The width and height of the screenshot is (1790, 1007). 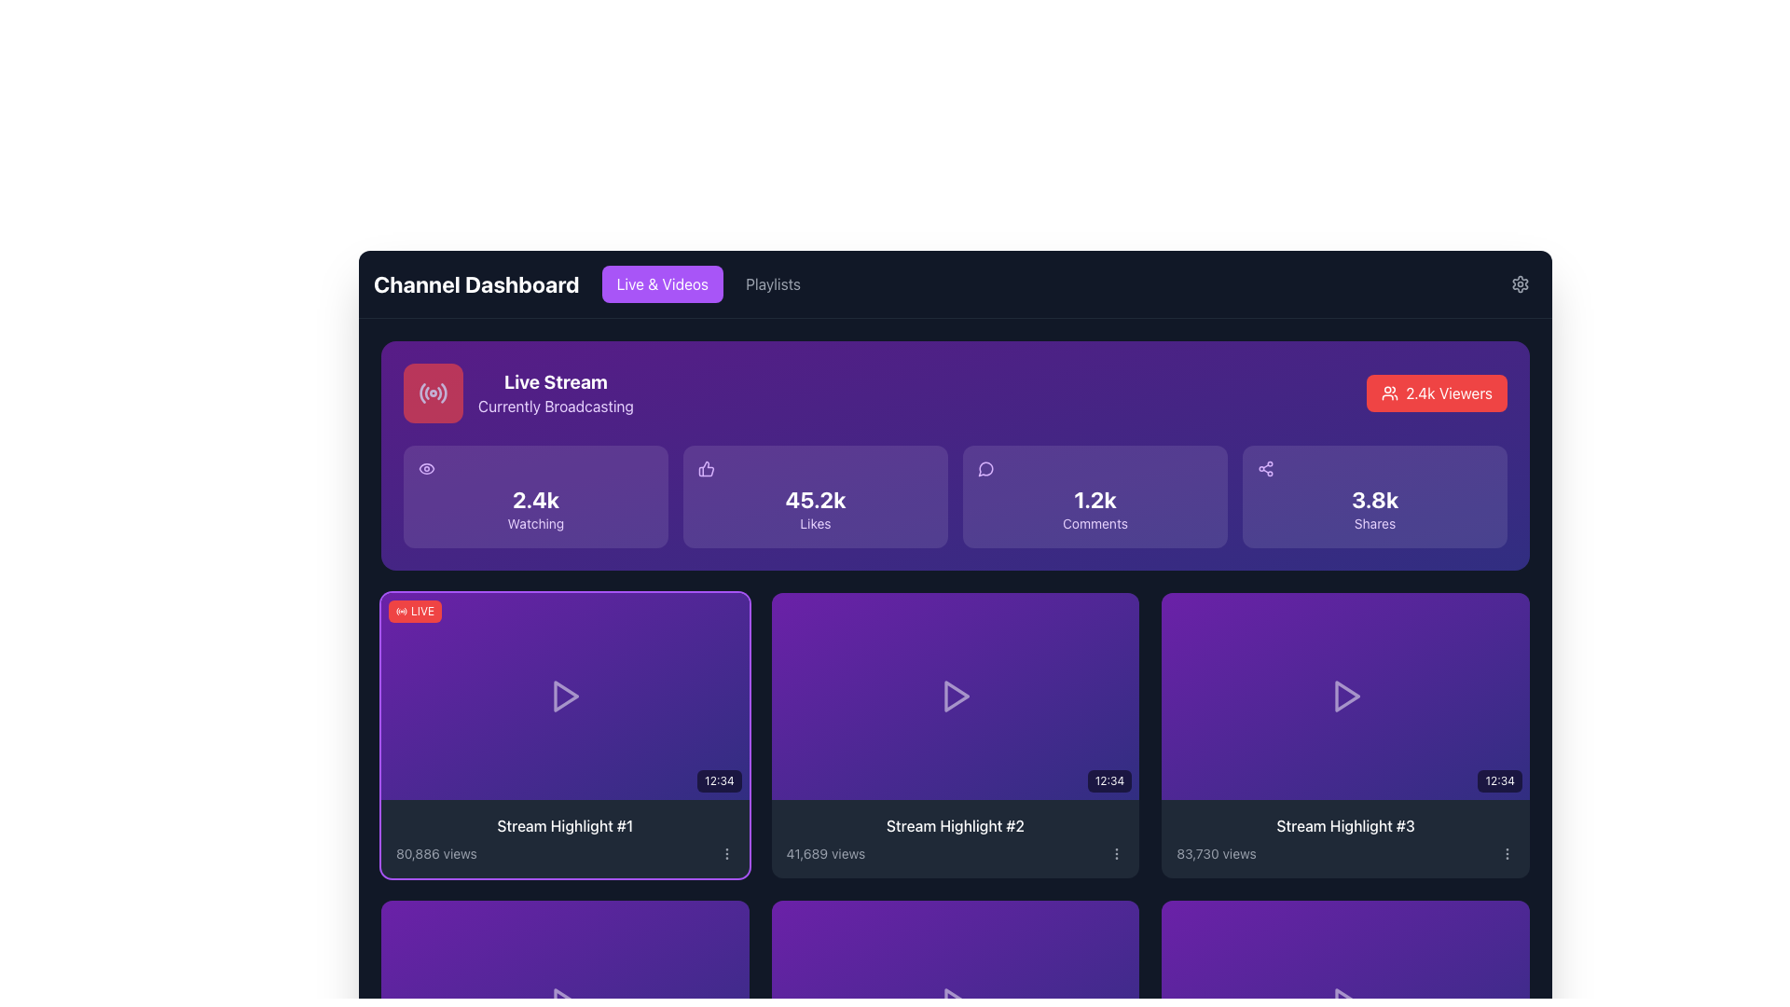 I want to click on the small purple eye icon located on the left side of the upper interface, so click(x=425, y=467).